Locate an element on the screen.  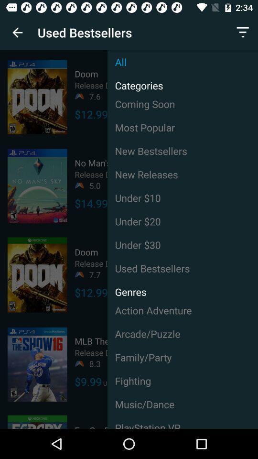
item to the left of used bestsellers is located at coordinates (17, 33).